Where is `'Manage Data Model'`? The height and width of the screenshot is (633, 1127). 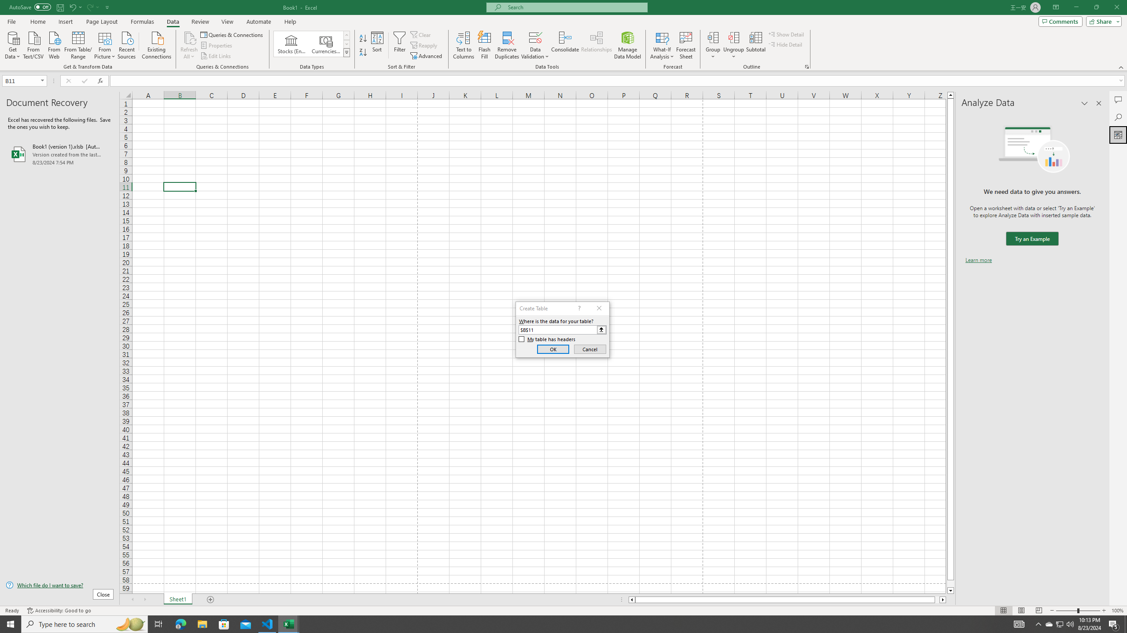 'Manage Data Model' is located at coordinates (627, 45).